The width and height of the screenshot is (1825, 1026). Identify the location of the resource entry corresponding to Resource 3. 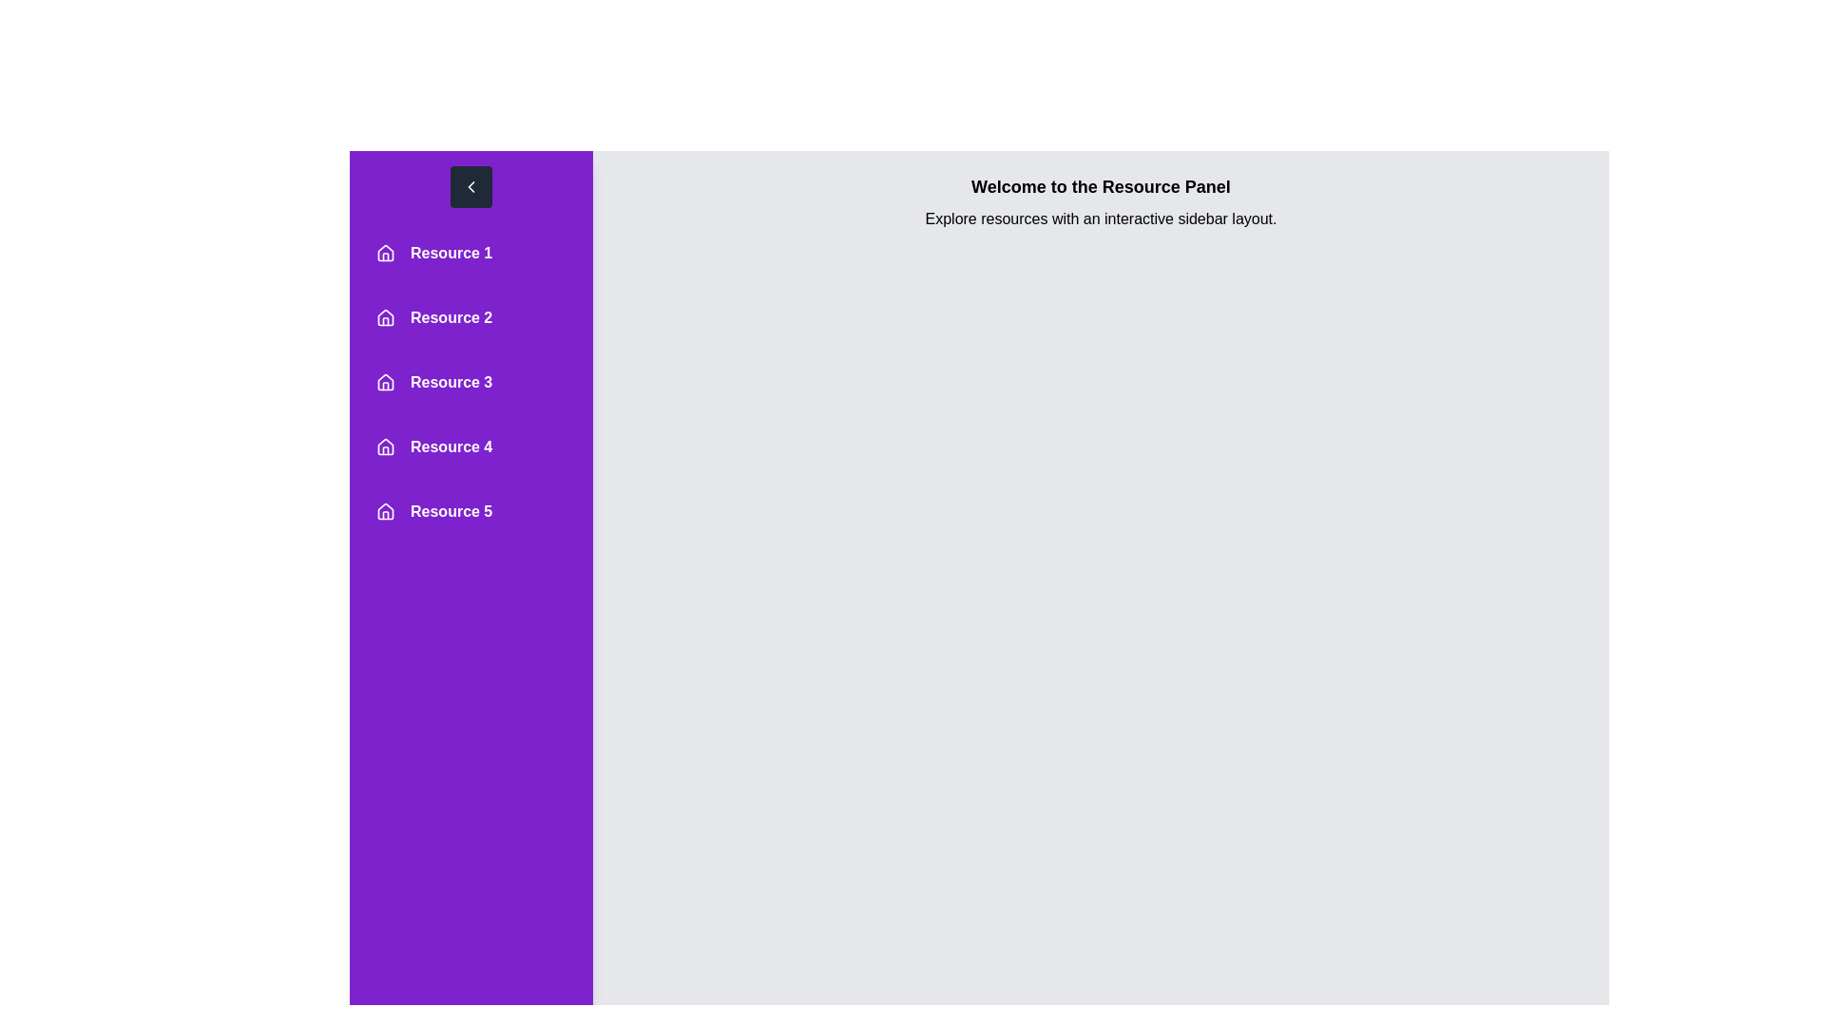
(471, 382).